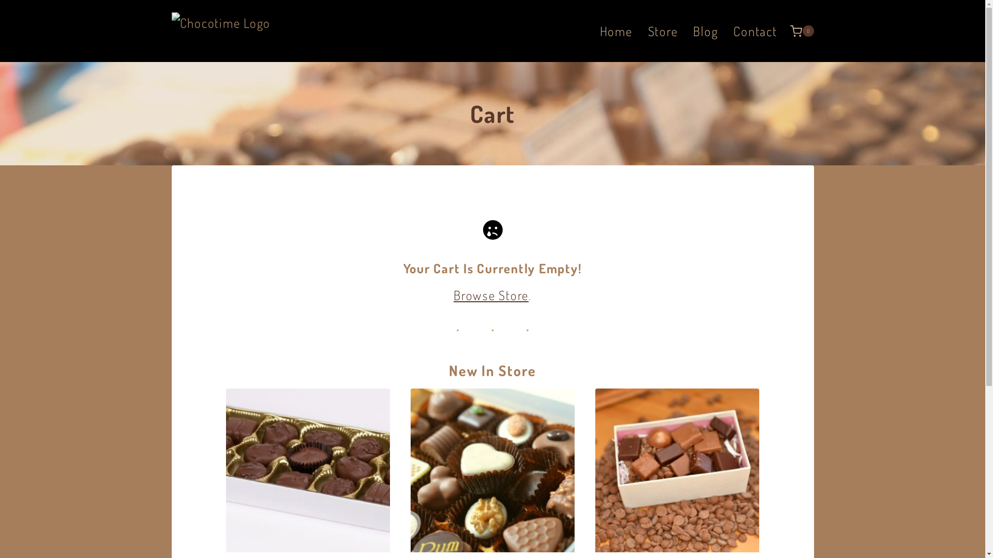 This screenshot has width=993, height=558. Describe the element at coordinates (454, 295) in the screenshot. I see `'Browse Store'` at that location.